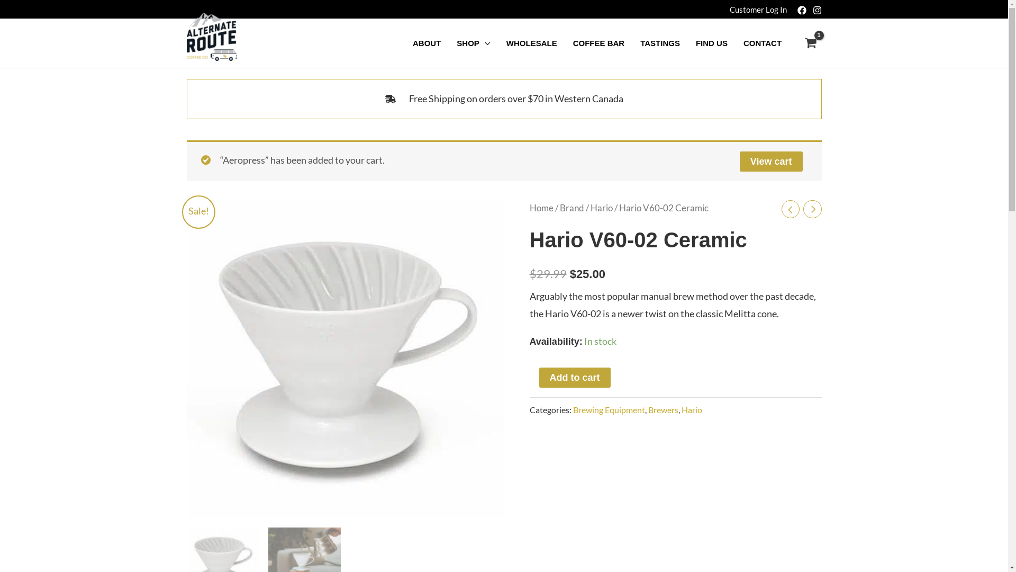  What do you see at coordinates (659, 42) in the screenshot?
I see `'TASTINGS'` at bounding box center [659, 42].